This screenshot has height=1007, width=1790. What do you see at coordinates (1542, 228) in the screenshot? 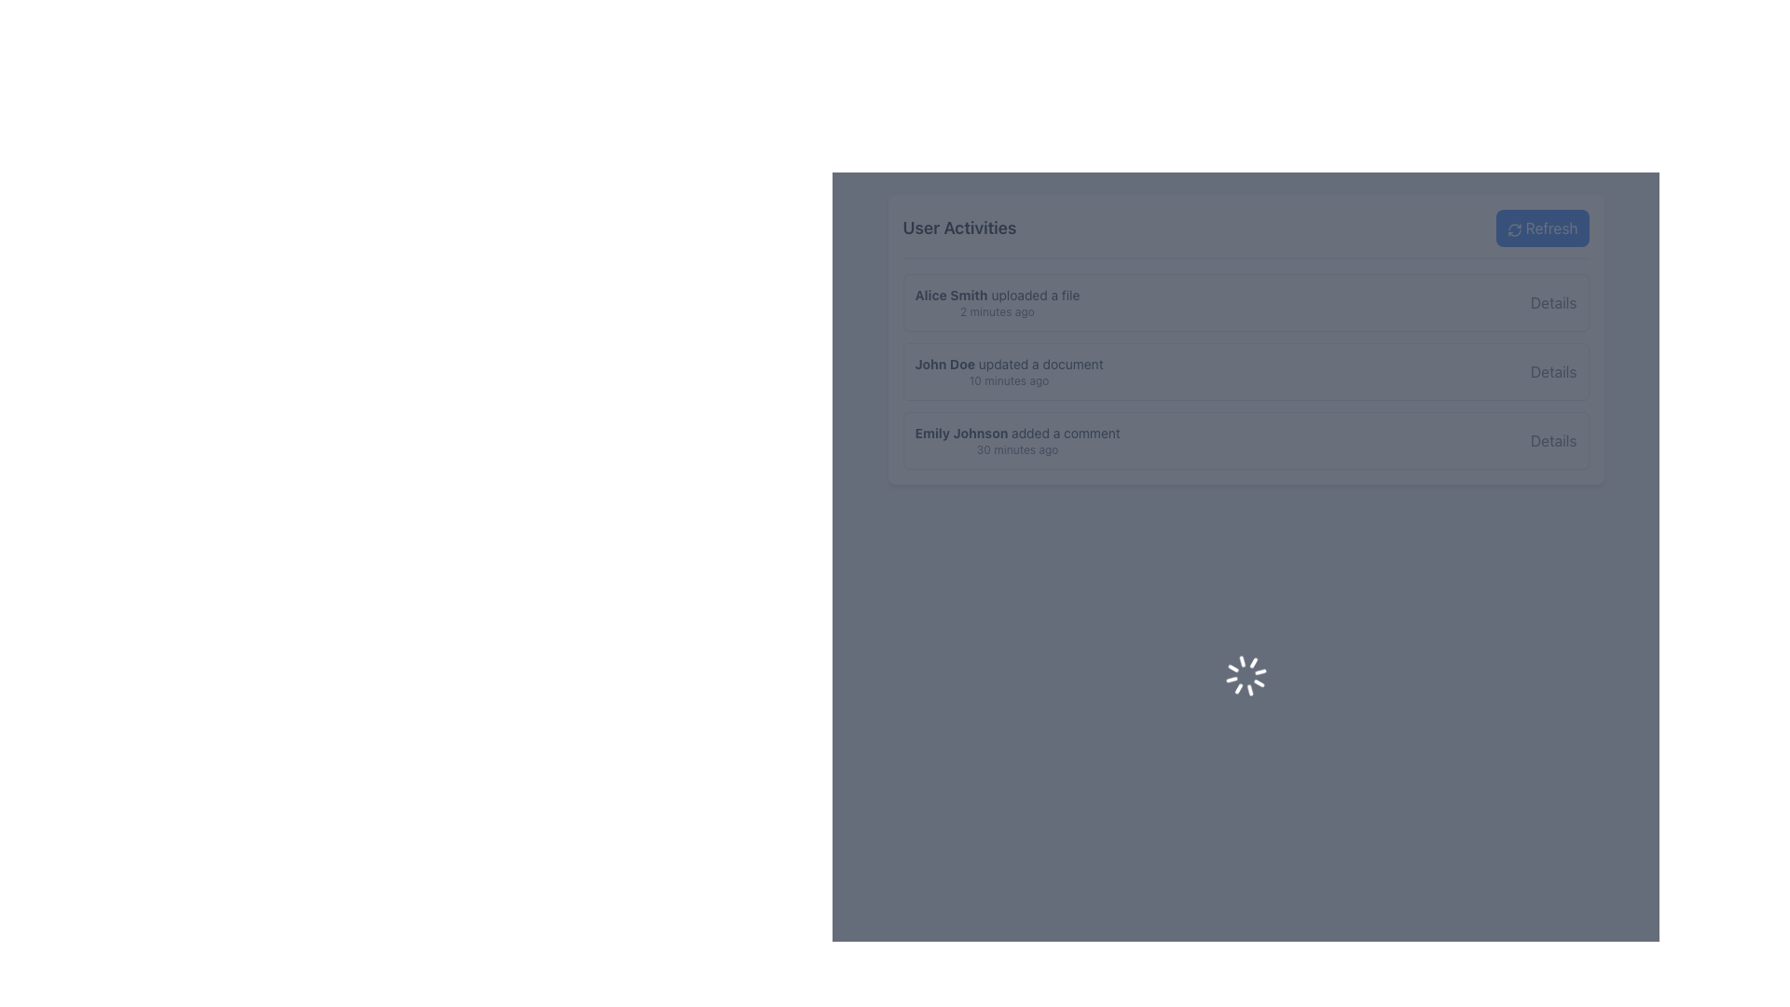
I see `the refresh button located on the right side of the 'User Activities' section to refresh the content` at bounding box center [1542, 228].